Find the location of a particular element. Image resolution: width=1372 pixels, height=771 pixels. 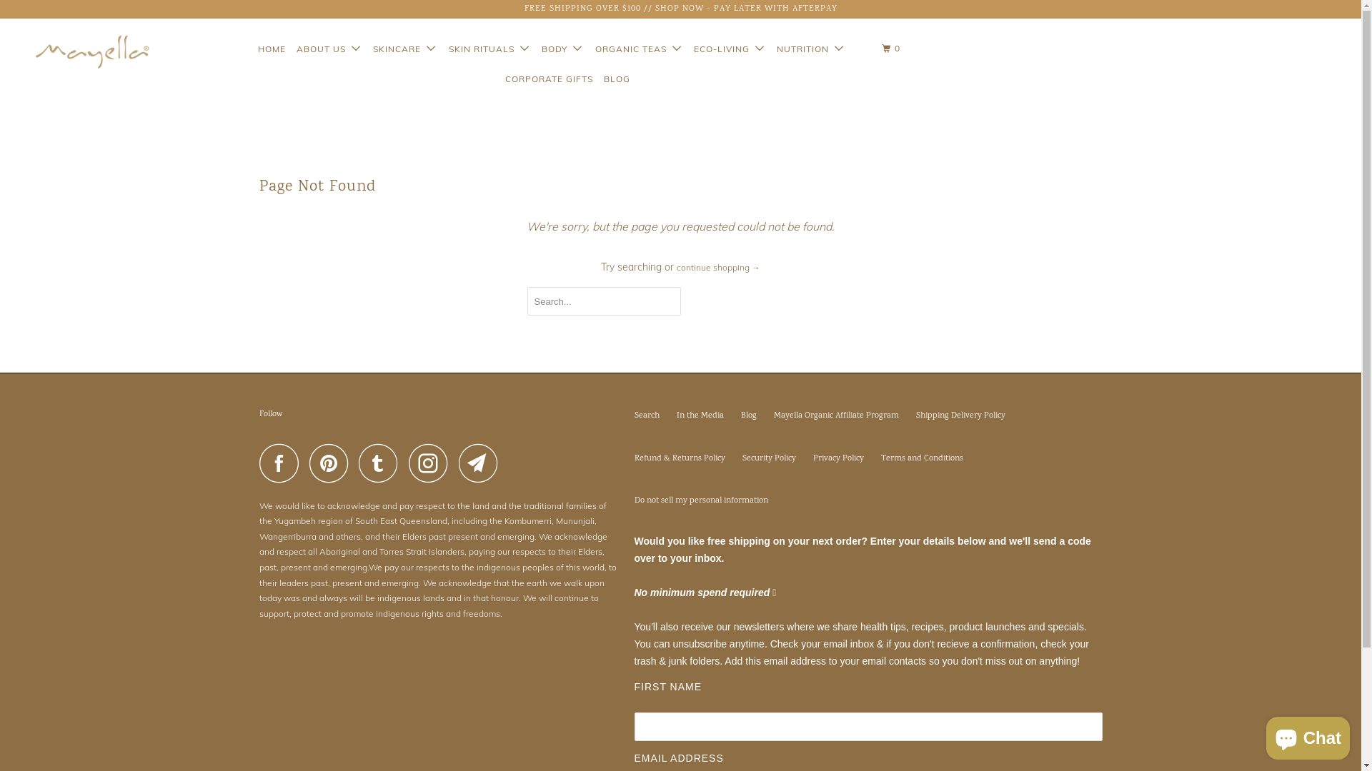

'Shipping Delivery Policy' is located at coordinates (915, 415).